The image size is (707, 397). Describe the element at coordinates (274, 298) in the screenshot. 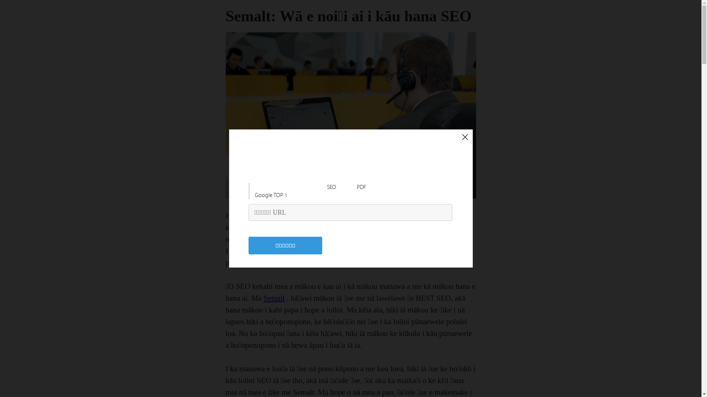

I see `'Semalt'` at that location.